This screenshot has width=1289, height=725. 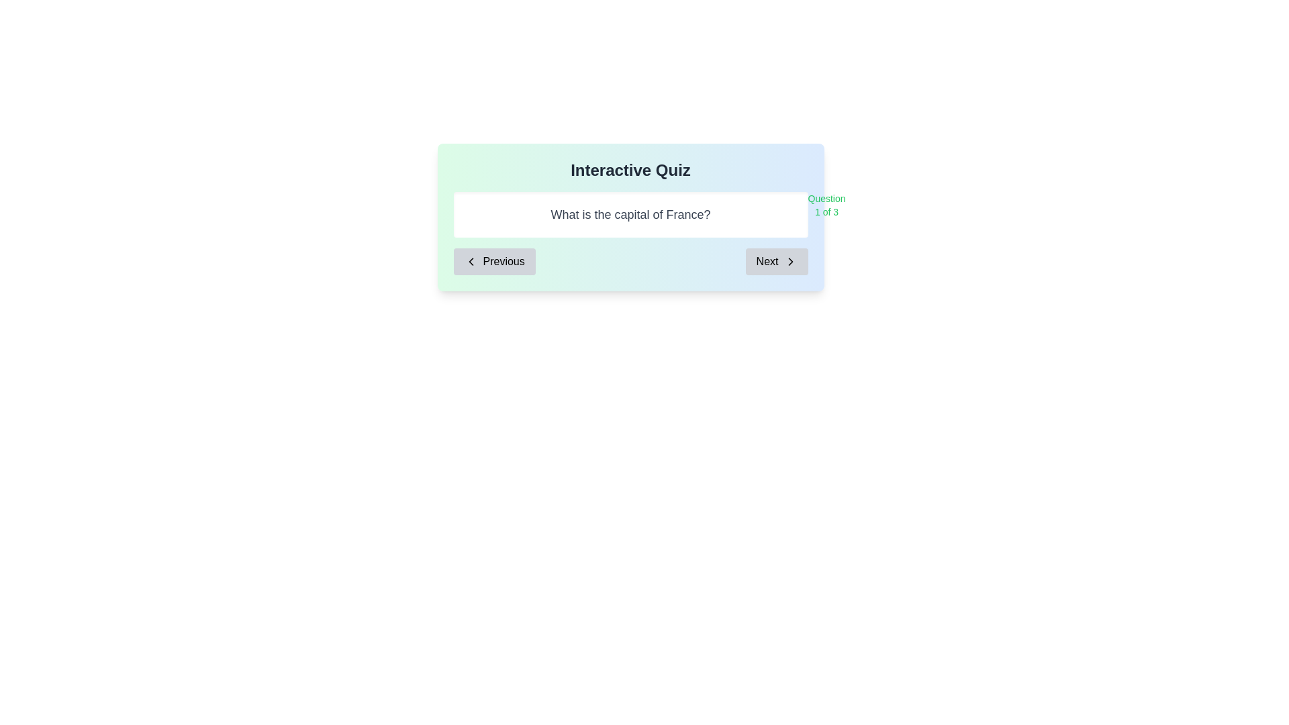 I want to click on the white rounded box containing the question 'What is the capital of France?' located in the 'Interactive Quiz' section, so click(x=630, y=214).